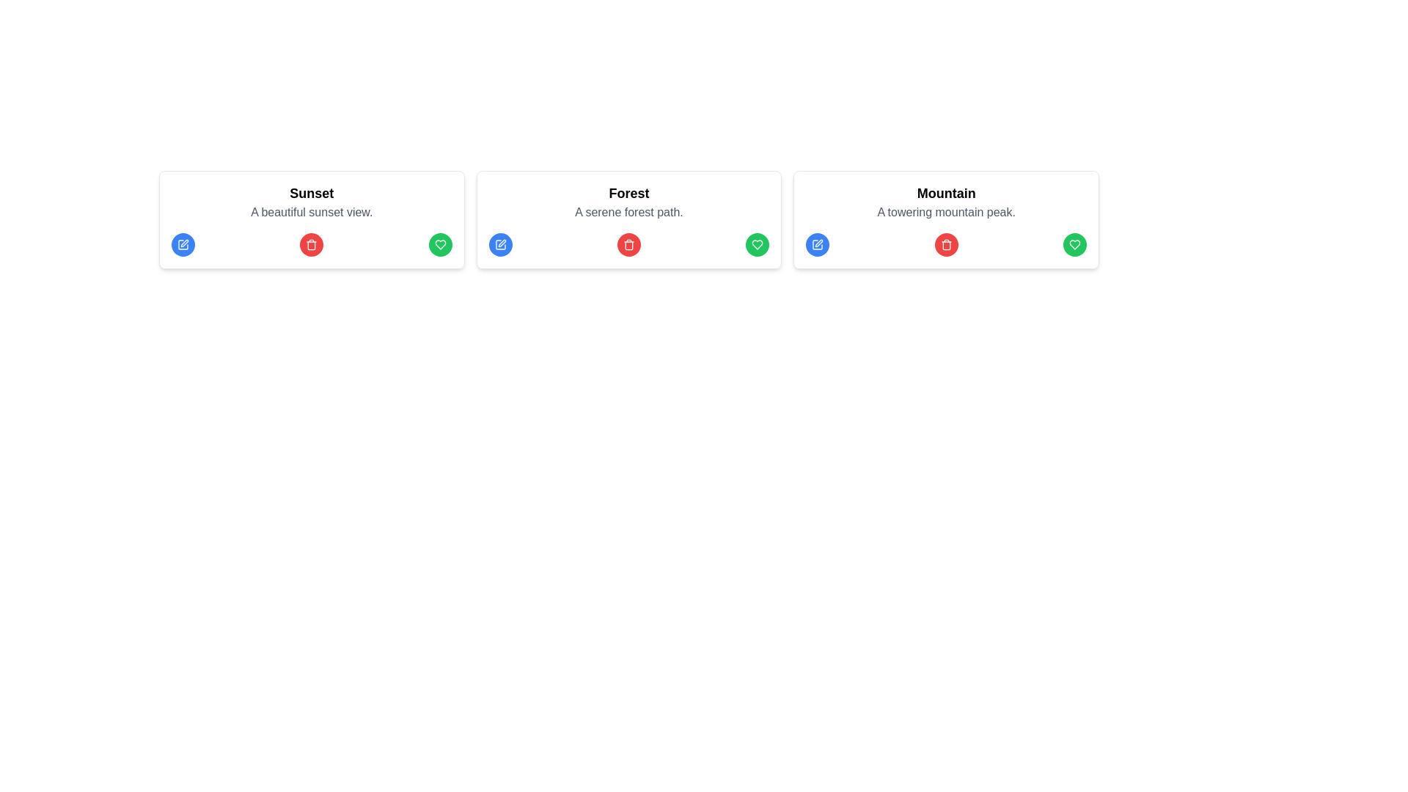 The height and width of the screenshot is (792, 1408). I want to click on textual information within the card component titled 'Sunset', which includes a bold title and a gray subtitle, so click(311, 220).